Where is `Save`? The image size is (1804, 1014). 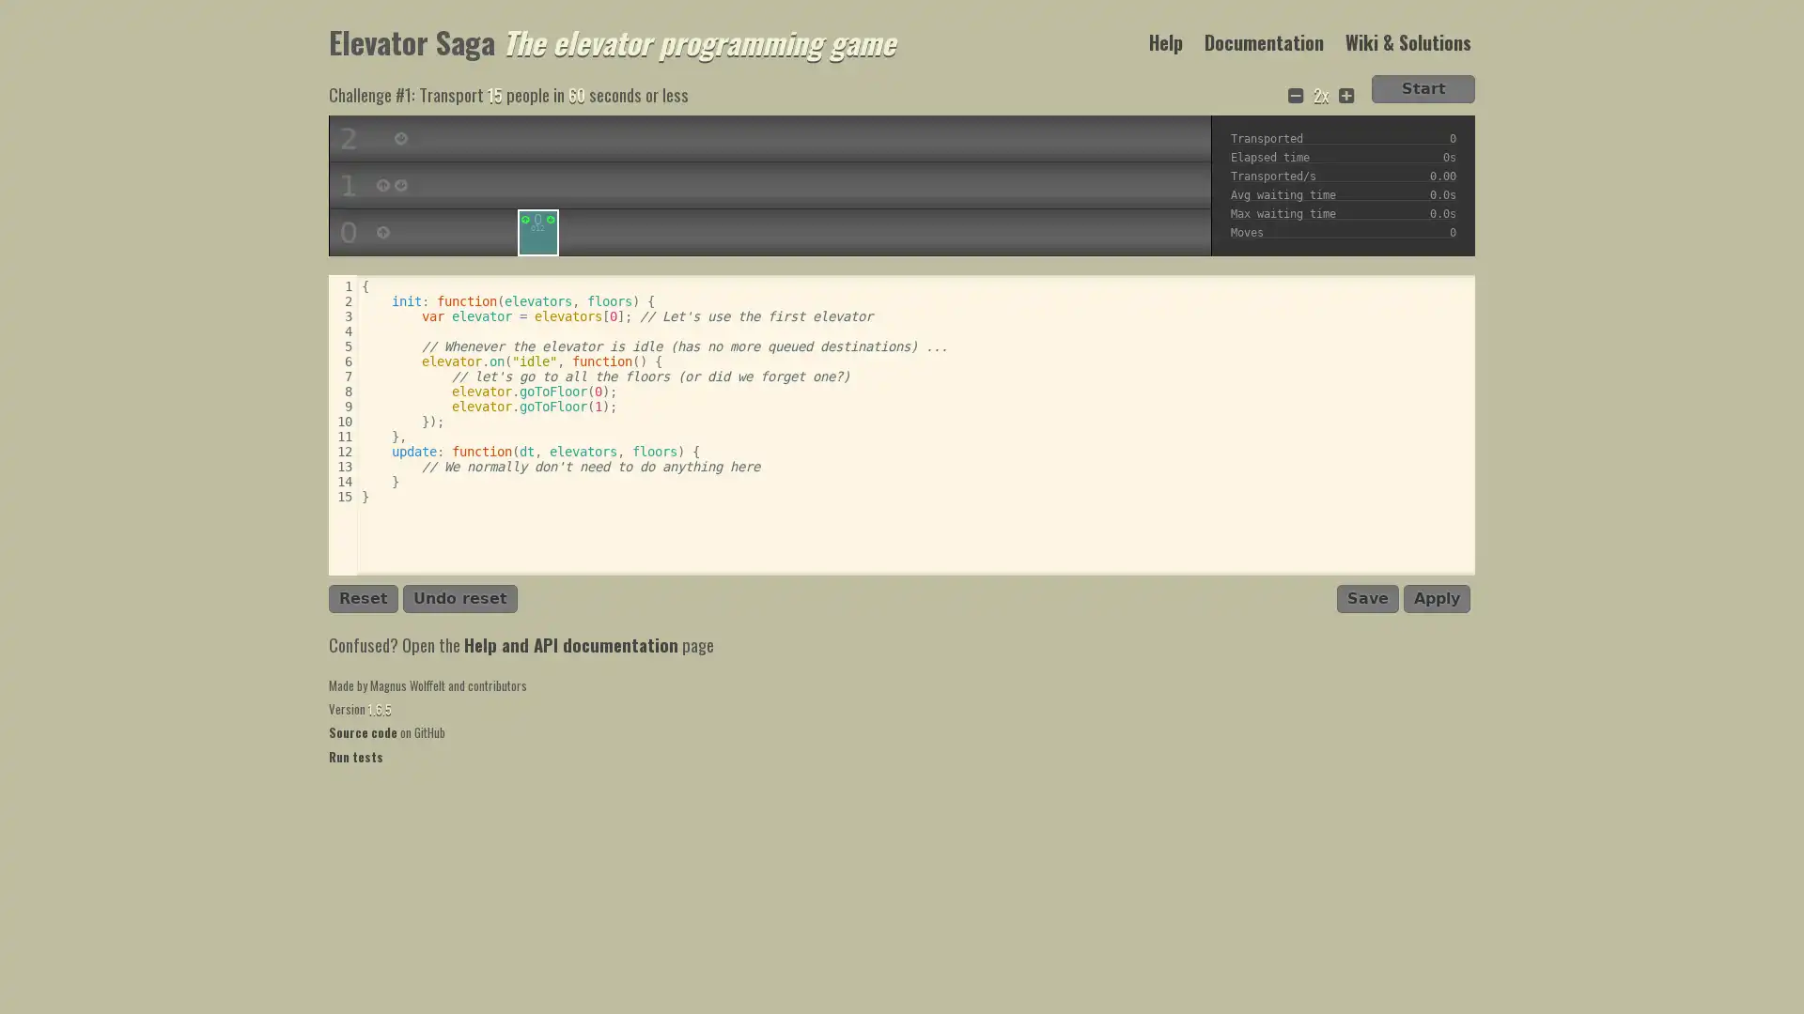
Save is located at coordinates (1367, 598).